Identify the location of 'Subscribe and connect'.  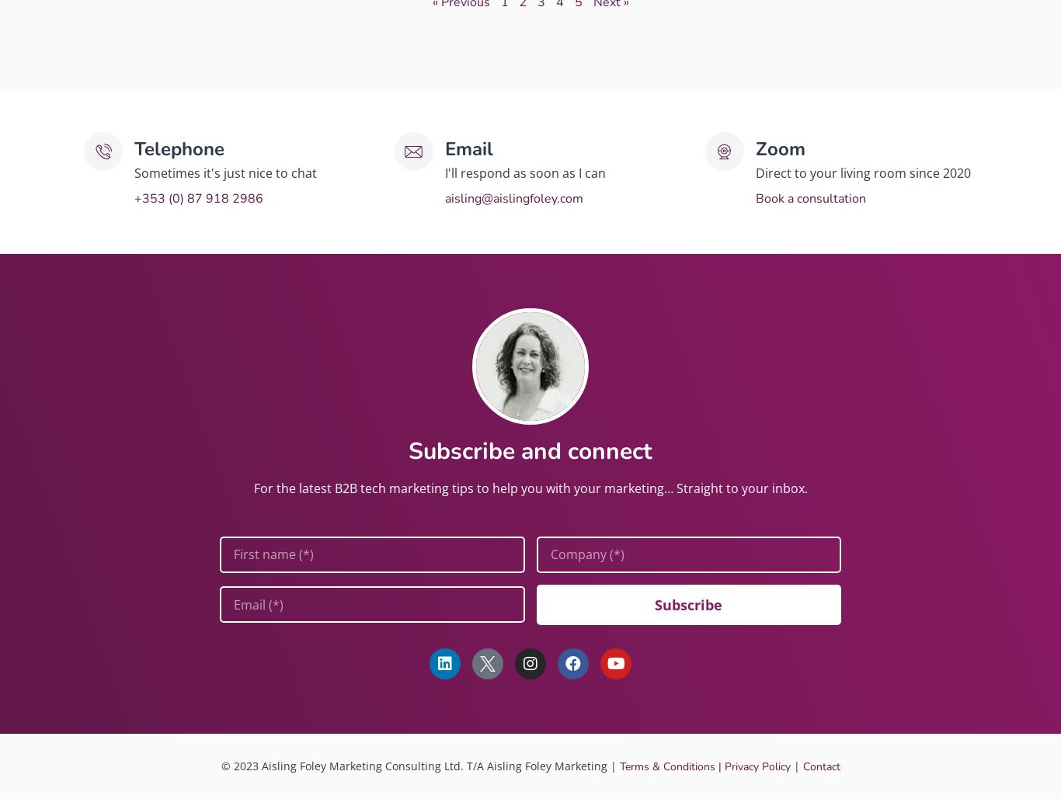
(530, 450).